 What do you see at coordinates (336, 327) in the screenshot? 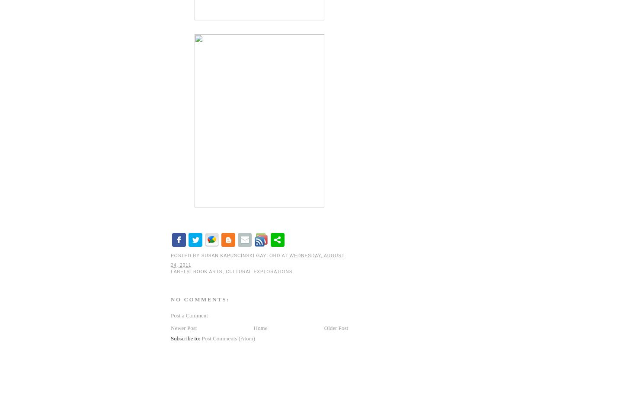
I see `'Older Post'` at bounding box center [336, 327].